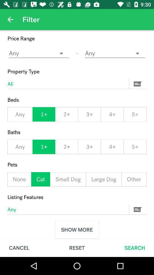 The width and height of the screenshot is (154, 275). What do you see at coordinates (137, 209) in the screenshot?
I see `the button which is next to the any` at bounding box center [137, 209].